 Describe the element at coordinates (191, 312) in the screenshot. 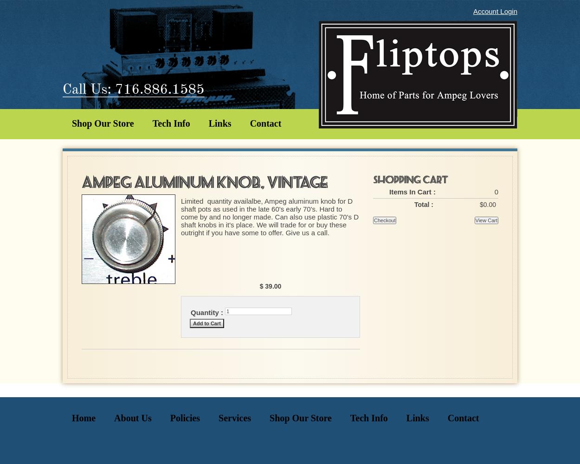

I see `'Quantity :'` at that location.